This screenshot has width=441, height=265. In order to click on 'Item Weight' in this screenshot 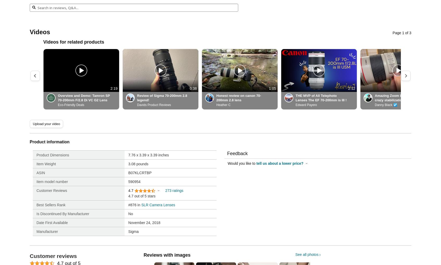, I will do `click(46, 163)`.